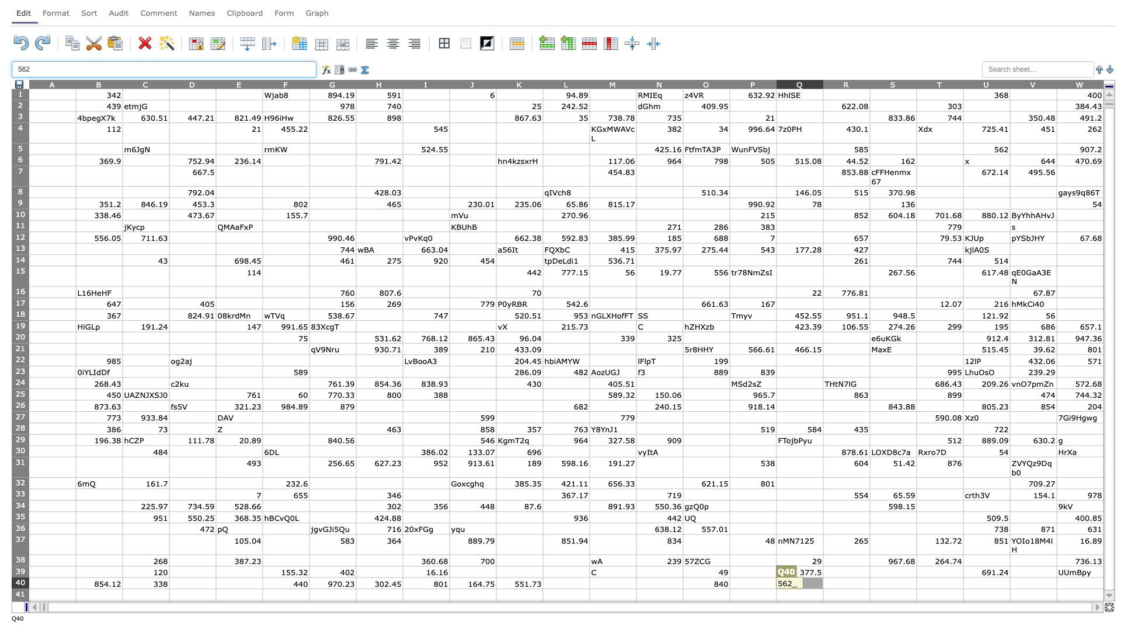 Image resolution: width=1121 pixels, height=630 pixels. What do you see at coordinates (823, 583) in the screenshot?
I see `left edge of R40` at bounding box center [823, 583].